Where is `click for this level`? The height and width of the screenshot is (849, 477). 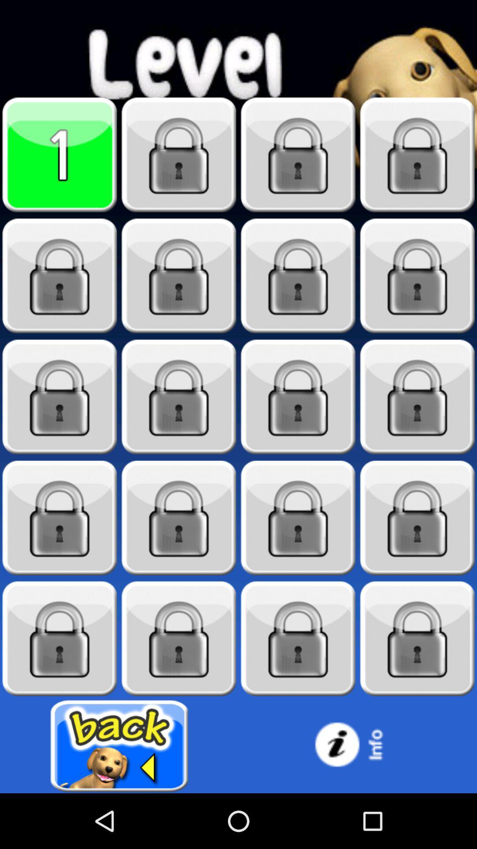 click for this level is located at coordinates (179, 397).